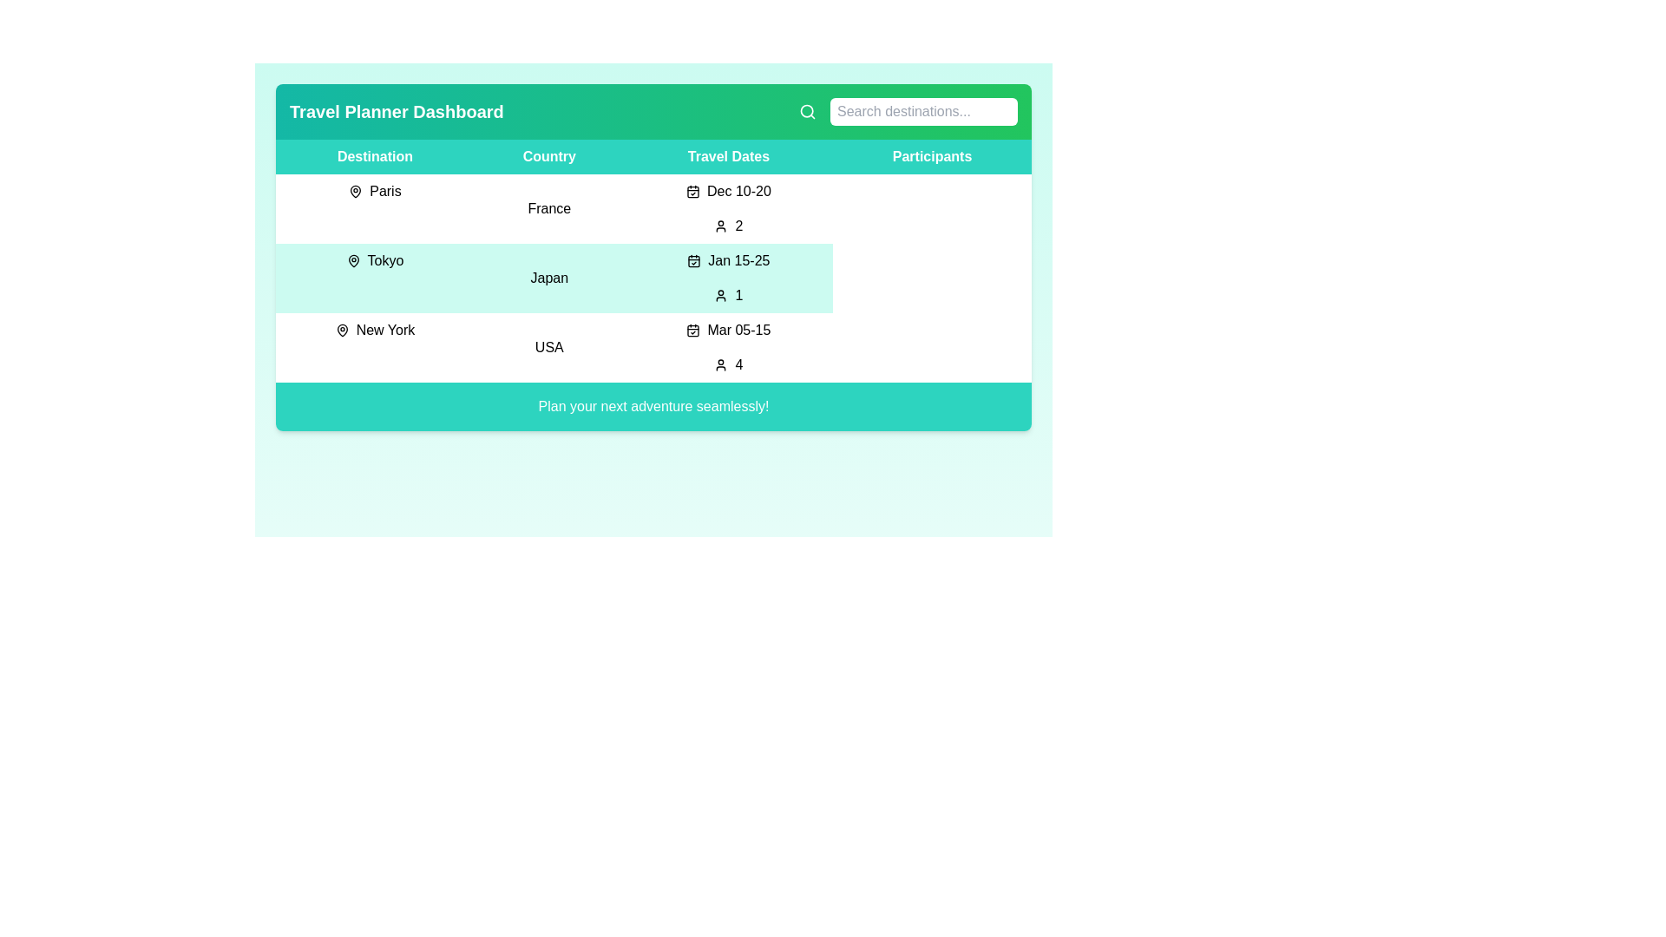 This screenshot has width=1666, height=937. I want to click on the first table row displaying travel information for 'Paris', 'France', 'Dec 10-20', and '2', which is the first row in the table structure, so click(653, 207).